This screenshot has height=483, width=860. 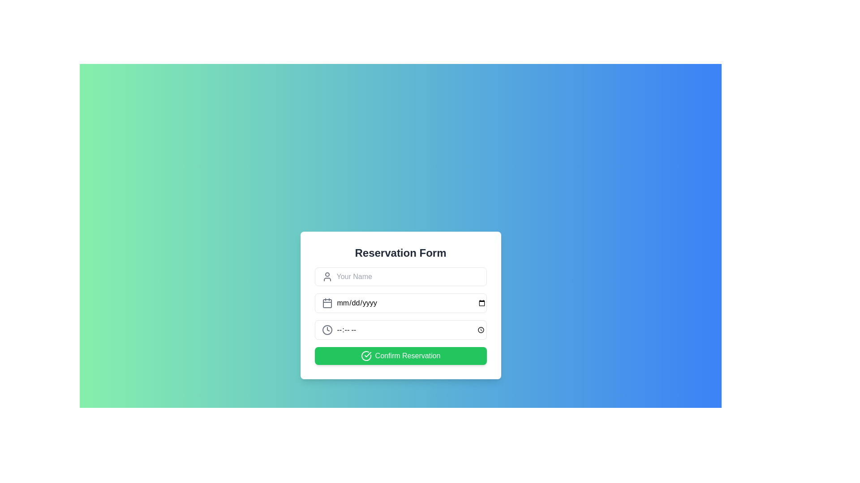 I want to click on the time input field, which is styled with rounded corners and includes clock icons, so click(x=400, y=330).